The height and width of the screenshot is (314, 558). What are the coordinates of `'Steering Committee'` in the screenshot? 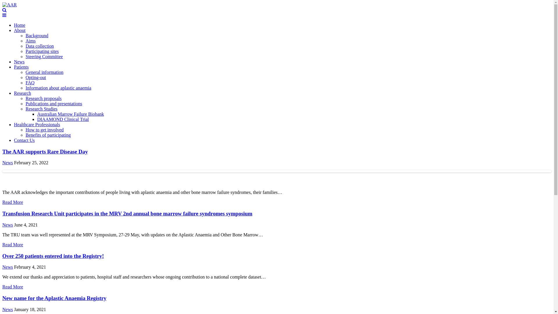 It's located at (44, 56).